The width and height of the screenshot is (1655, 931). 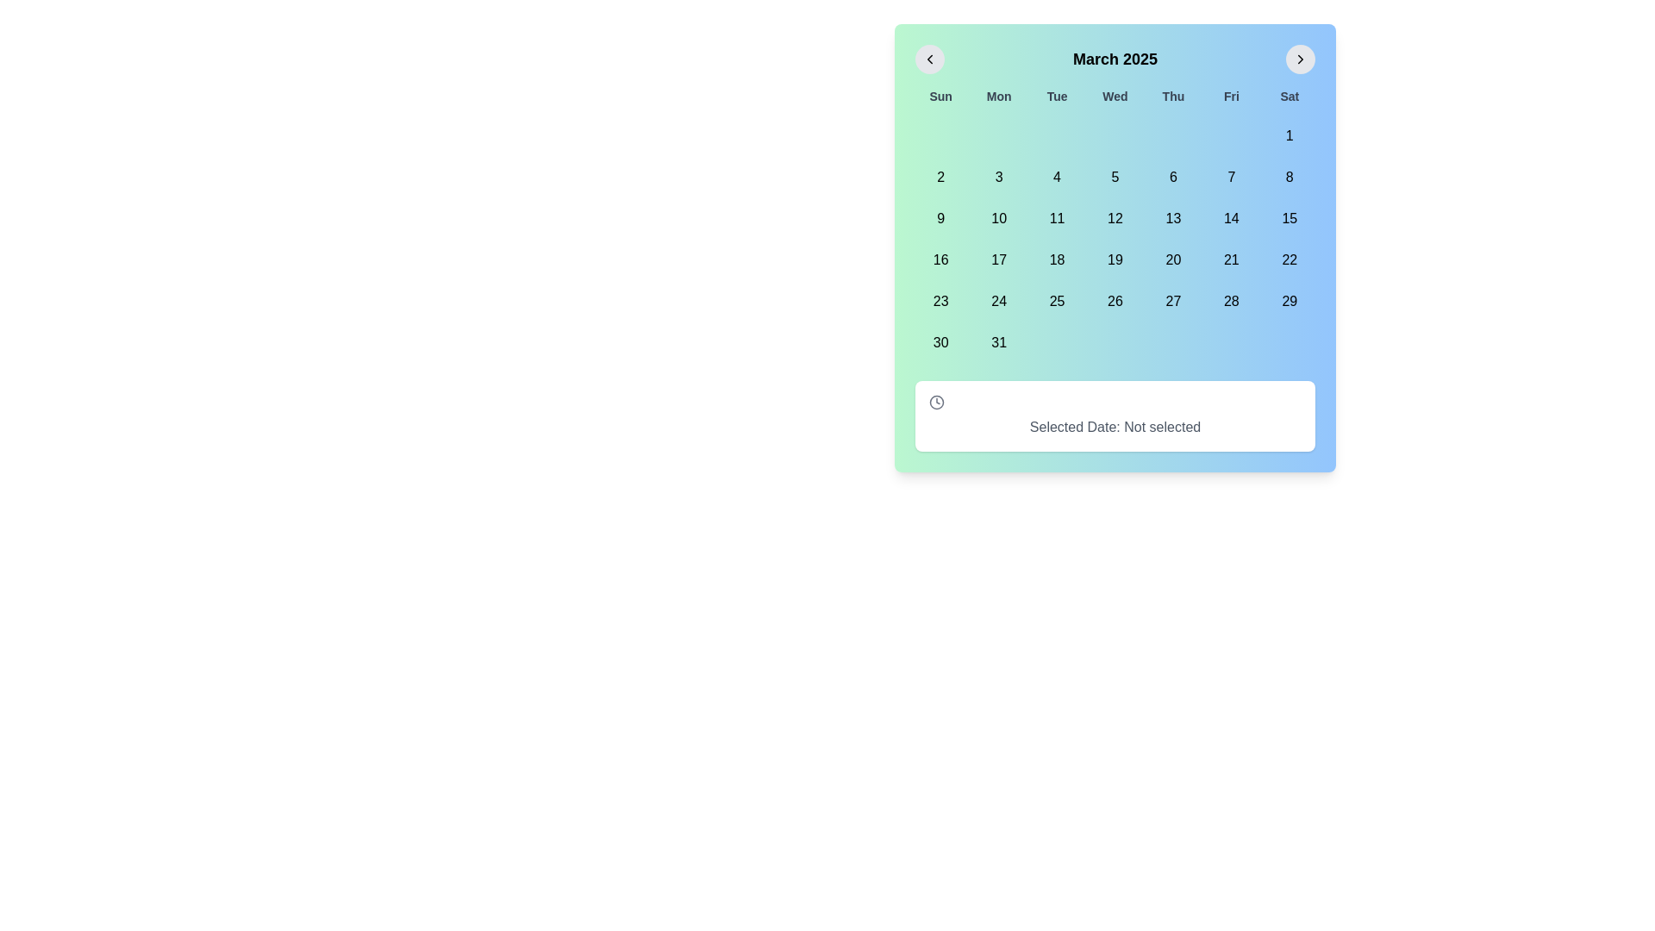 What do you see at coordinates (1290, 177) in the screenshot?
I see `the Calendar date button displaying the number '8', located under the header 'March 2025'` at bounding box center [1290, 177].